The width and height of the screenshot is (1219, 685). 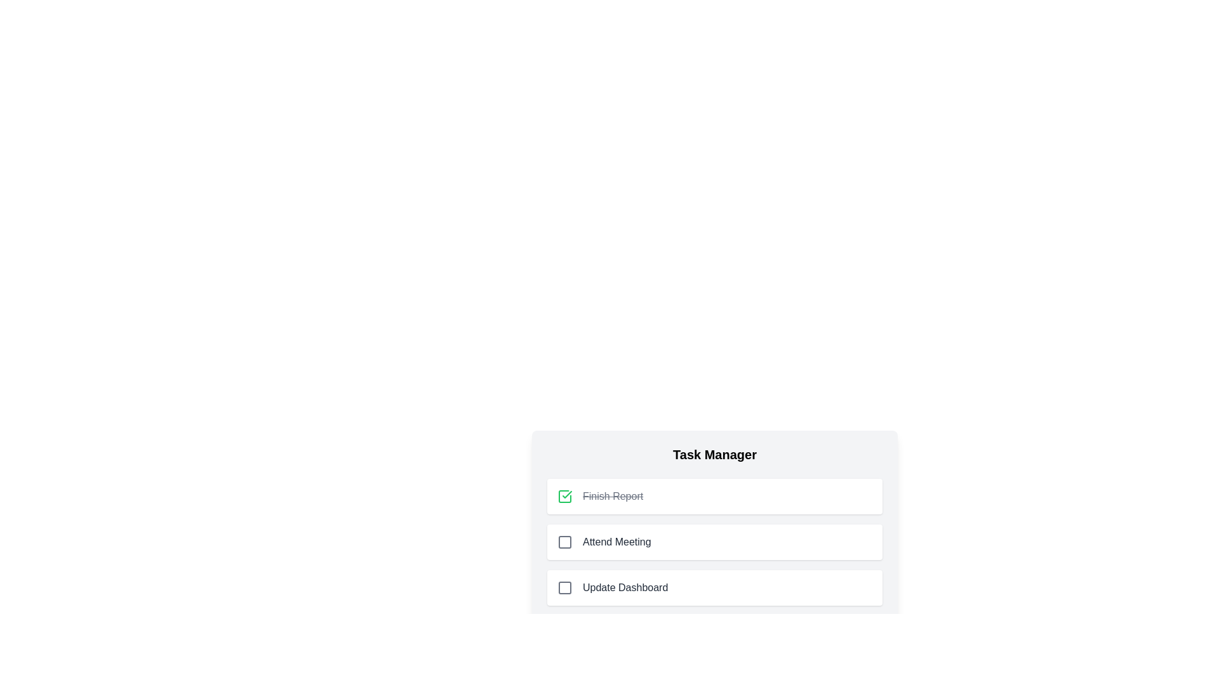 What do you see at coordinates (625, 587) in the screenshot?
I see `the text label 'Update Dashboard' in the task manager interface, which is positioned last in the vertical list beneath 'Attend Meeting'` at bounding box center [625, 587].